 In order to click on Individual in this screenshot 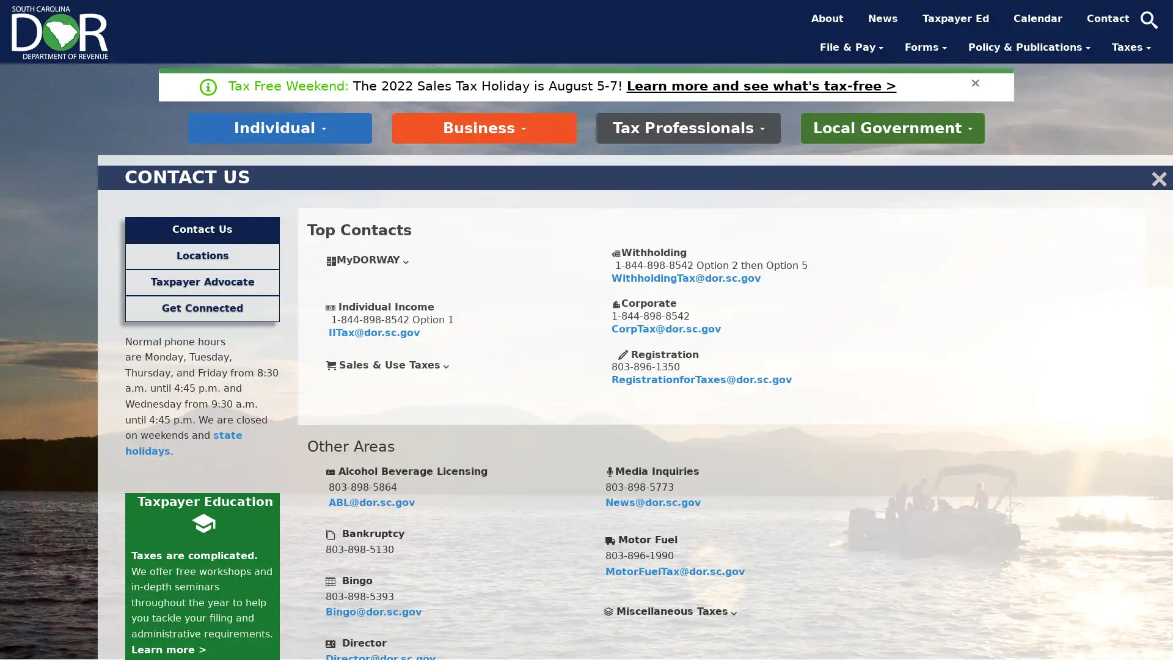, I will do `click(279, 127)`.